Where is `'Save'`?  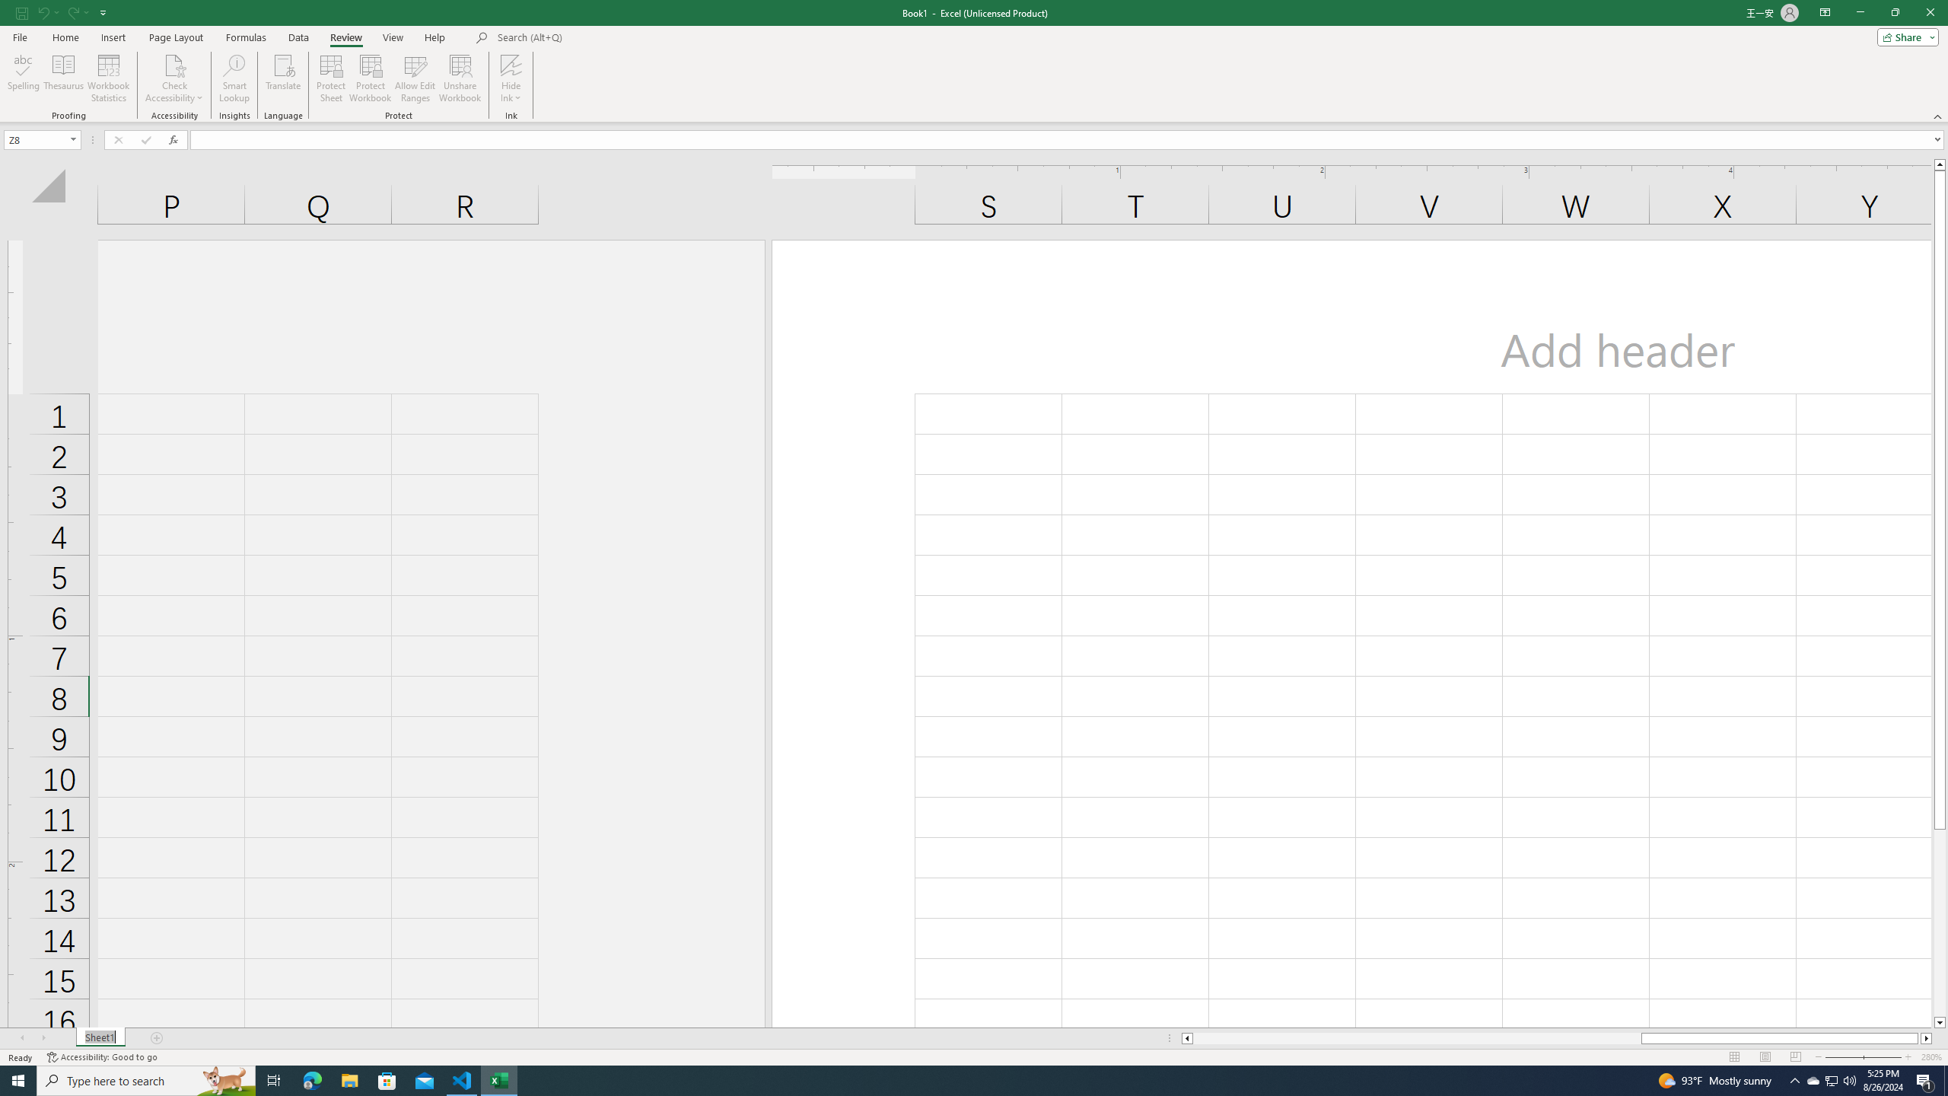 'Save' is located at coordinates (21, 11).